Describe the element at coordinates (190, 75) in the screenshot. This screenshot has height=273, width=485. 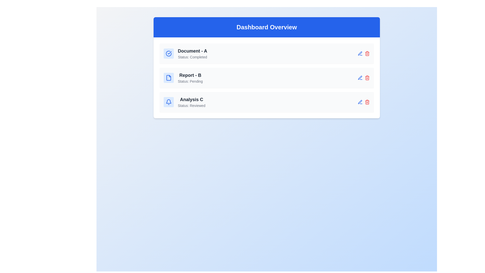
I see `the static text label named 'Report - B', which is positioned below 'Document - A' in the Dashboard Overview section` at that location.